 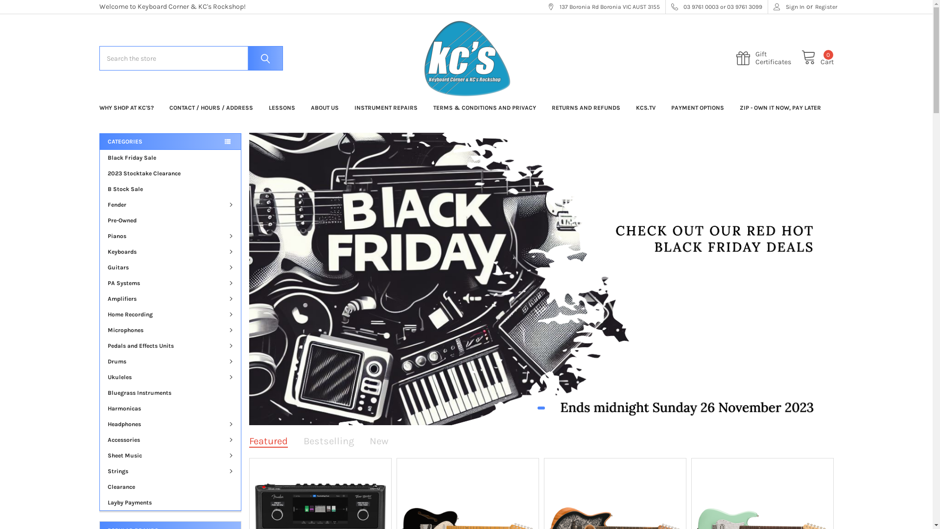 I want to click on 'KCS.TV', so click(x=627, y=107).